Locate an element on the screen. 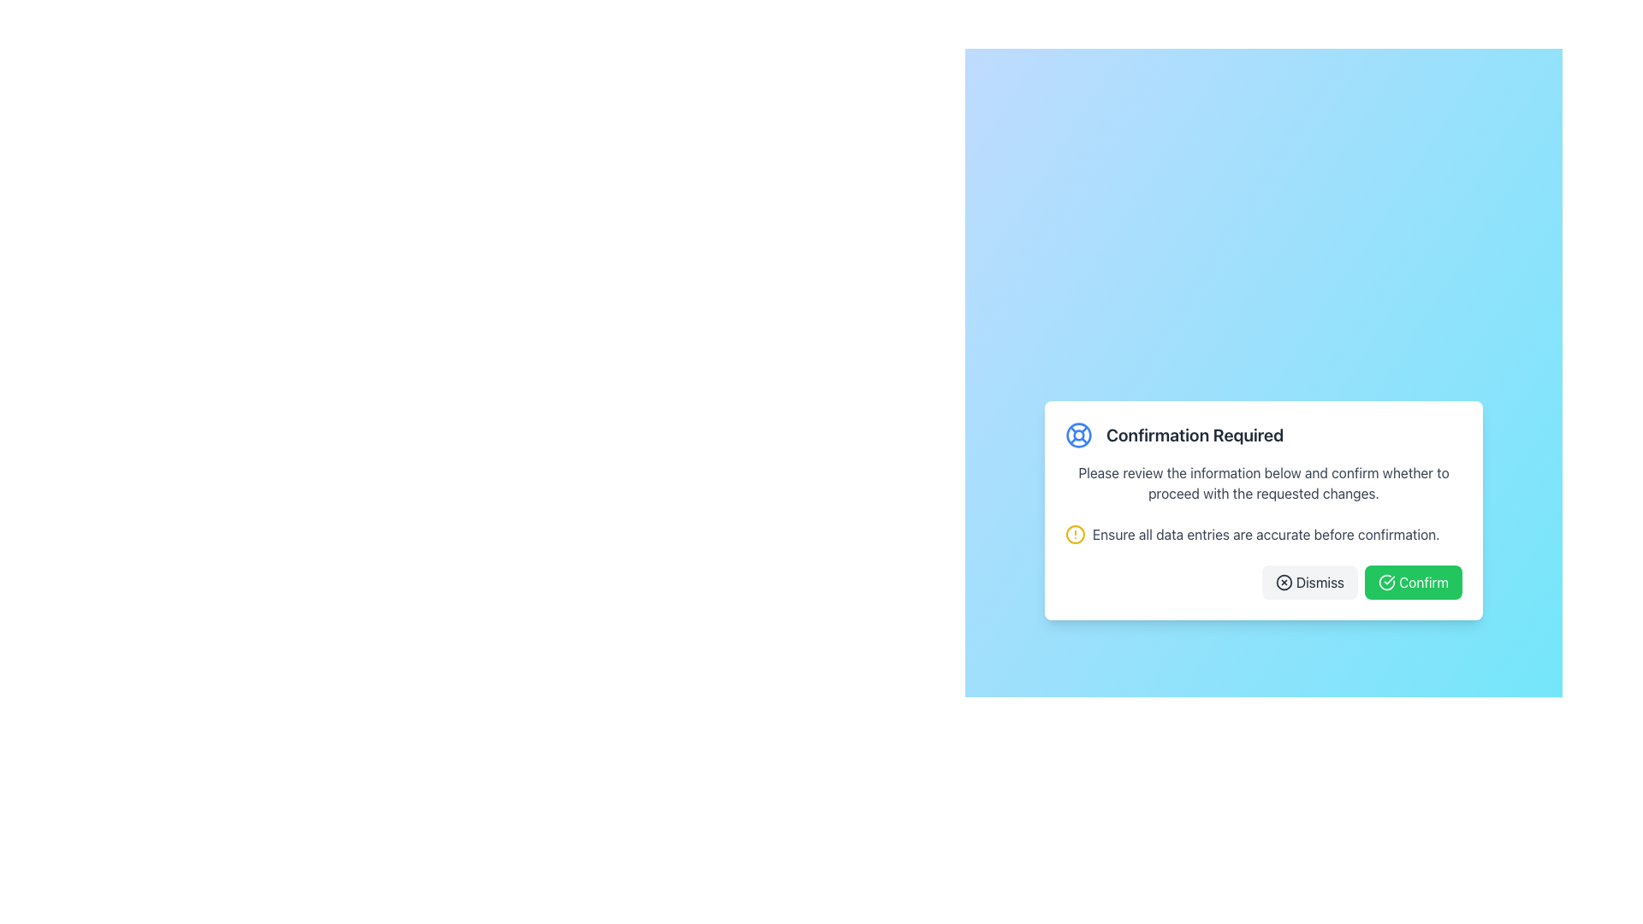  the warning message text that reads 'Ensure all data entries are accurate before confirmation.', which is styled in gray and located beside an attention icon in the popup dialog is located at coordinates (1266, 533).